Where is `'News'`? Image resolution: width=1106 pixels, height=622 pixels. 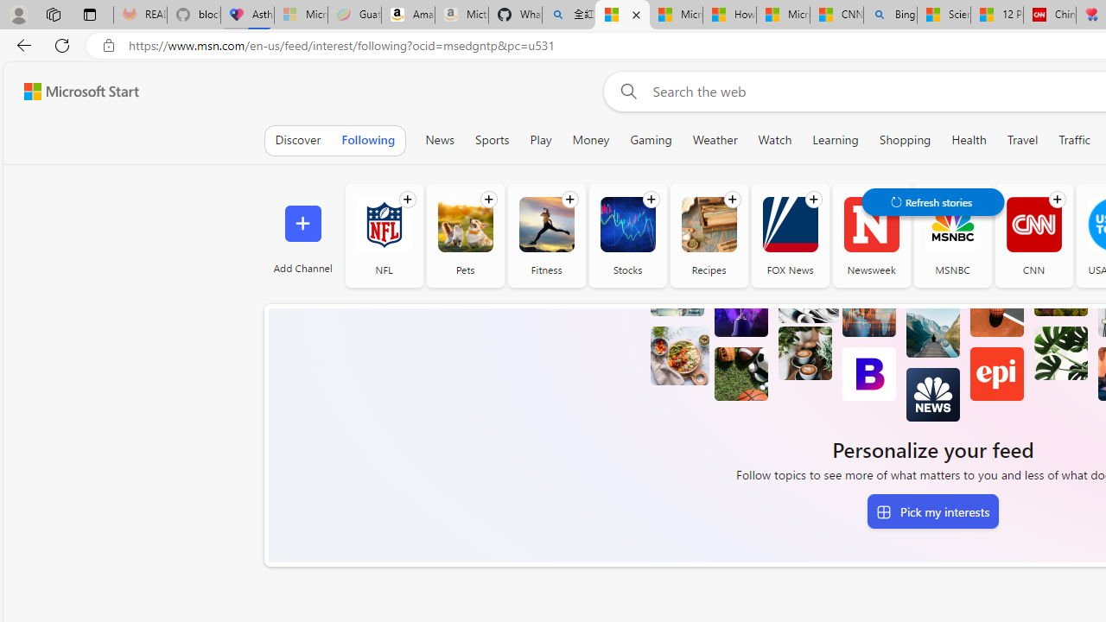
'News' is located at coordinates (439, 139).